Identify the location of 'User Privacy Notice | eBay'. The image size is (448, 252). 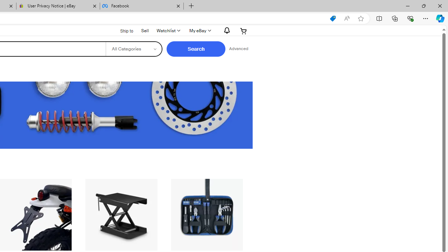
(58, 6).